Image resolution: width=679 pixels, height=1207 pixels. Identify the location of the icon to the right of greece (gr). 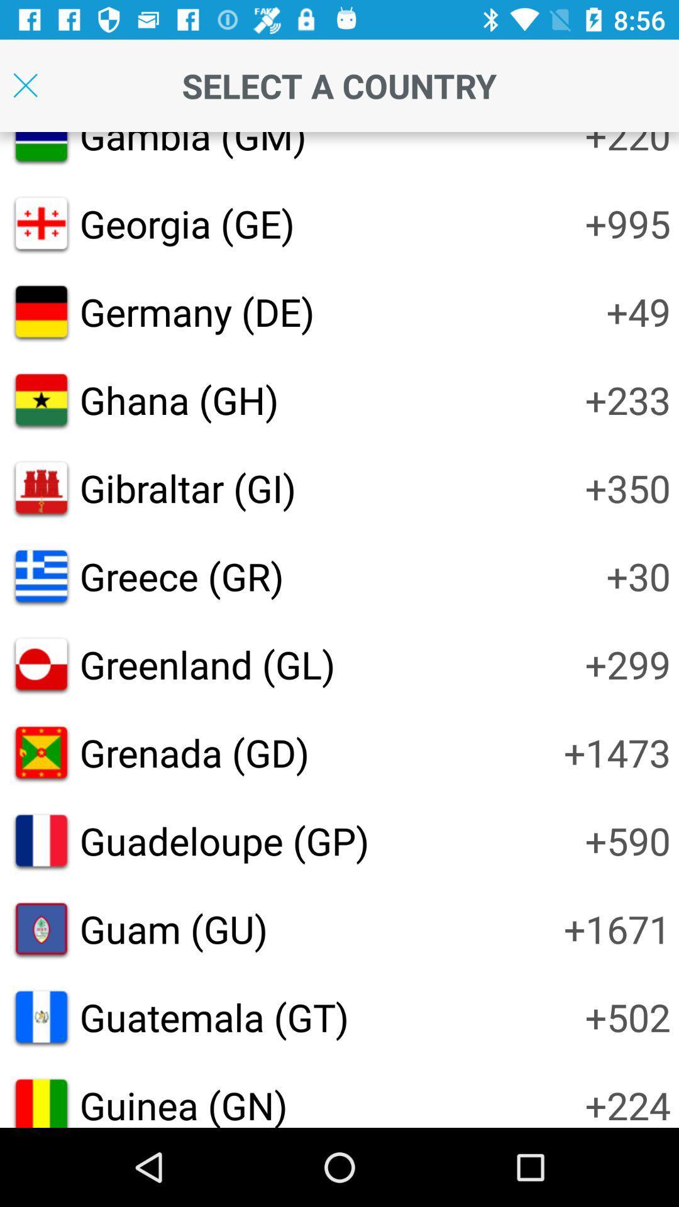
(638, 575).